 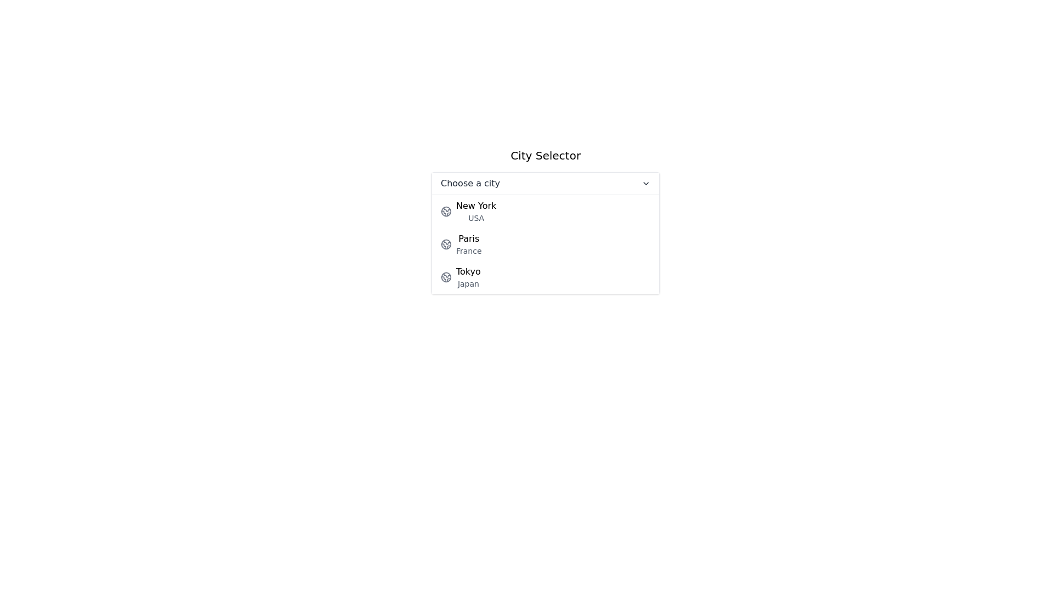 What do you see at coordinates (476, 211) in the screenshot?
I see `the 'New York' text label in the dropdown list labeled 'Choose a city'` at bounding box center [476, 211].